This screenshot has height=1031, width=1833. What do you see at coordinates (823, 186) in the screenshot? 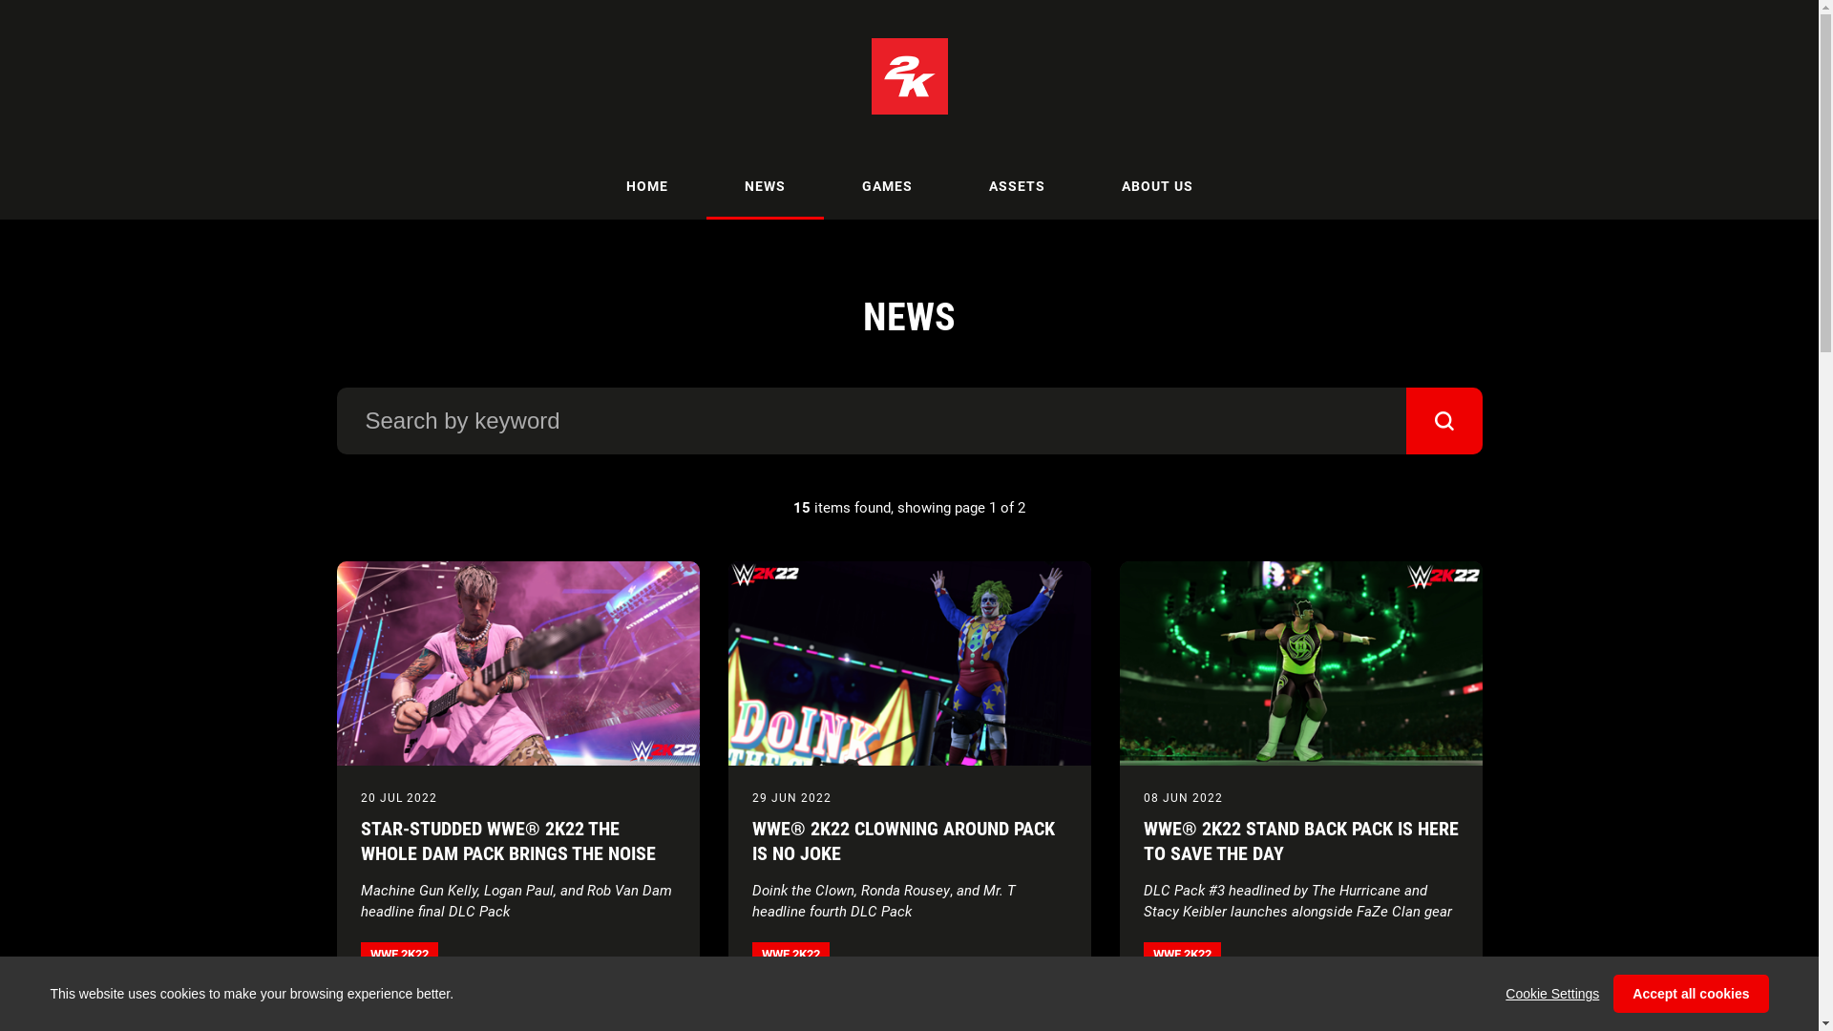
I see `'GAMES'` at bounding box center [823, 186].